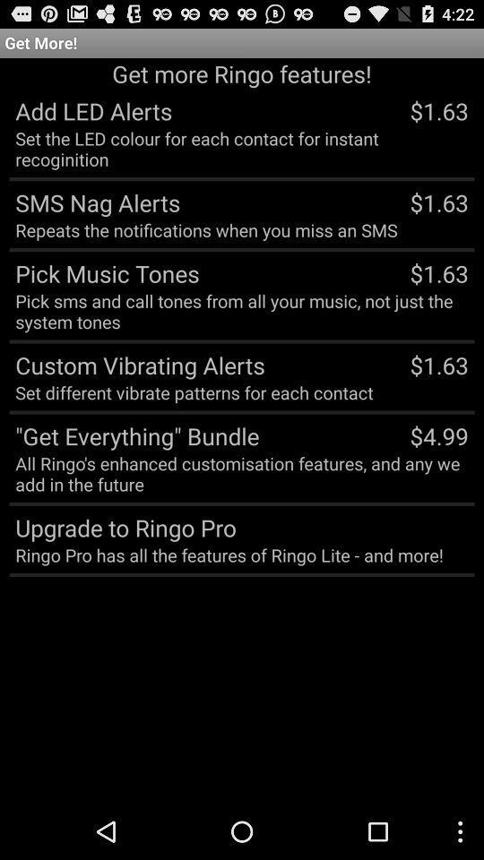  I want to click on icon above all ringo s icon, so click(134, 434).